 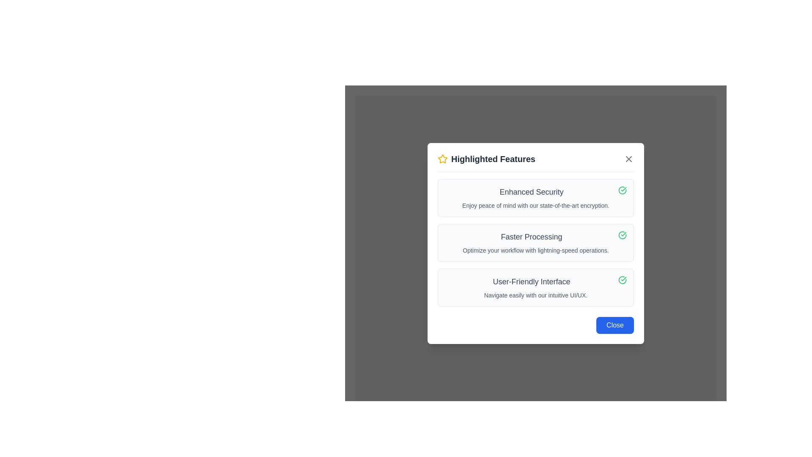 I want to click on text of the heading element located at the top-left of the modal dialog, which serves as a title or header, so click(x=486, y=159).